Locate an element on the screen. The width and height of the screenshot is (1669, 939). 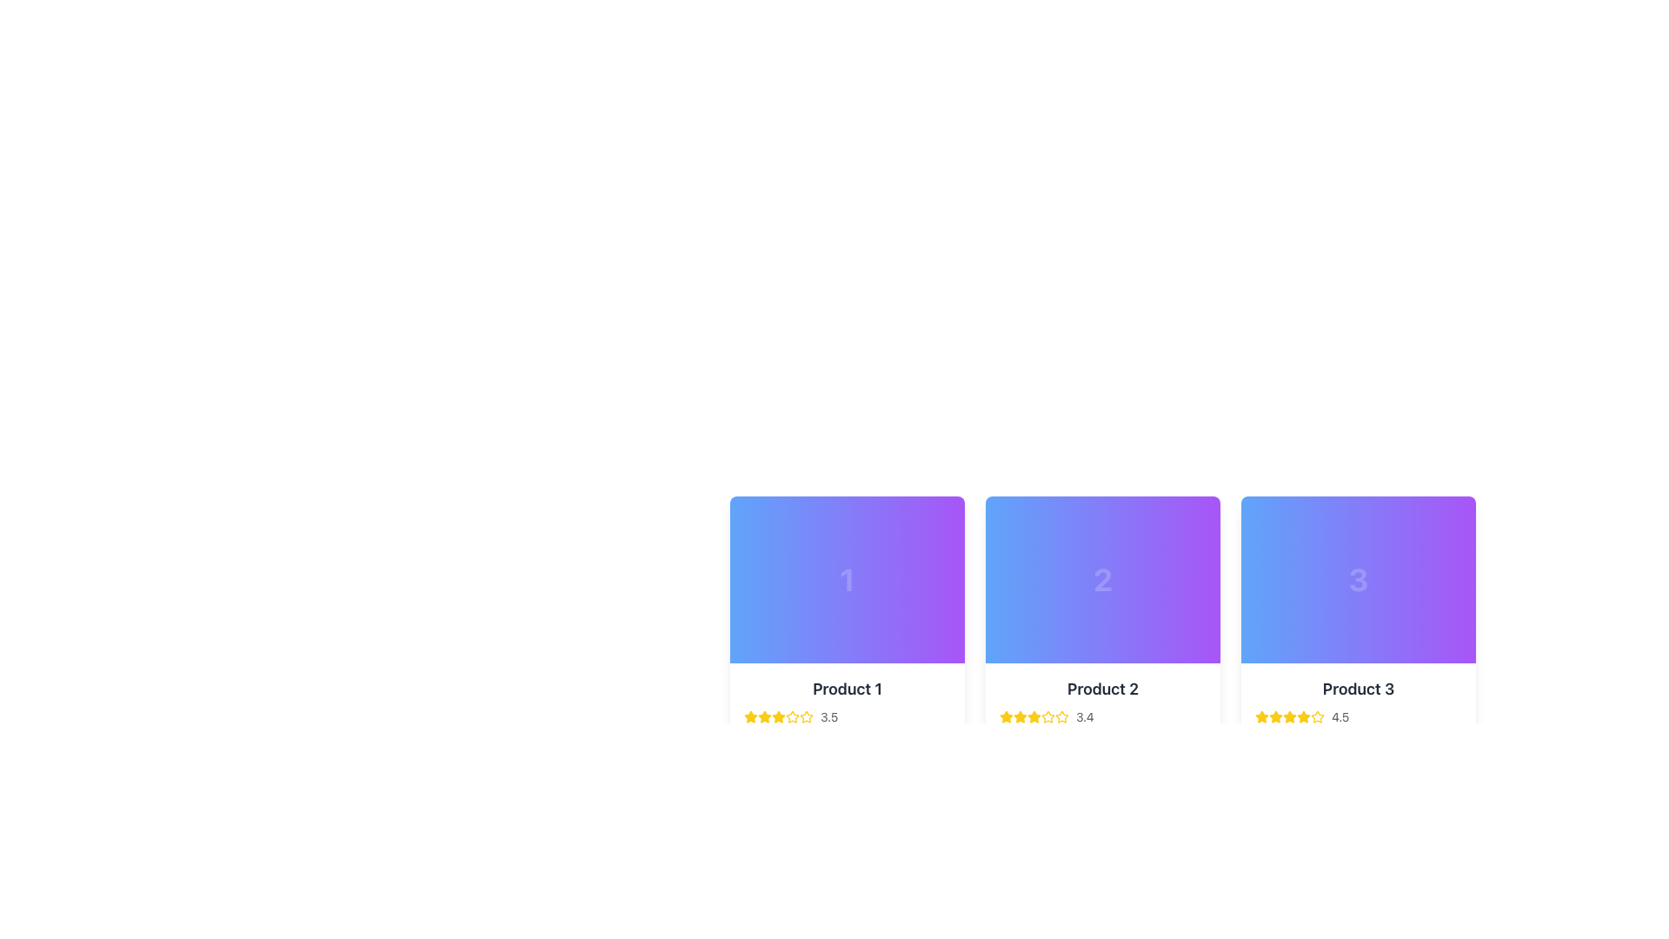
text content of the 'Product 1' label, which is displayed in a bold, large font at the bottom of the first product card is located at coordinates (847, 689).